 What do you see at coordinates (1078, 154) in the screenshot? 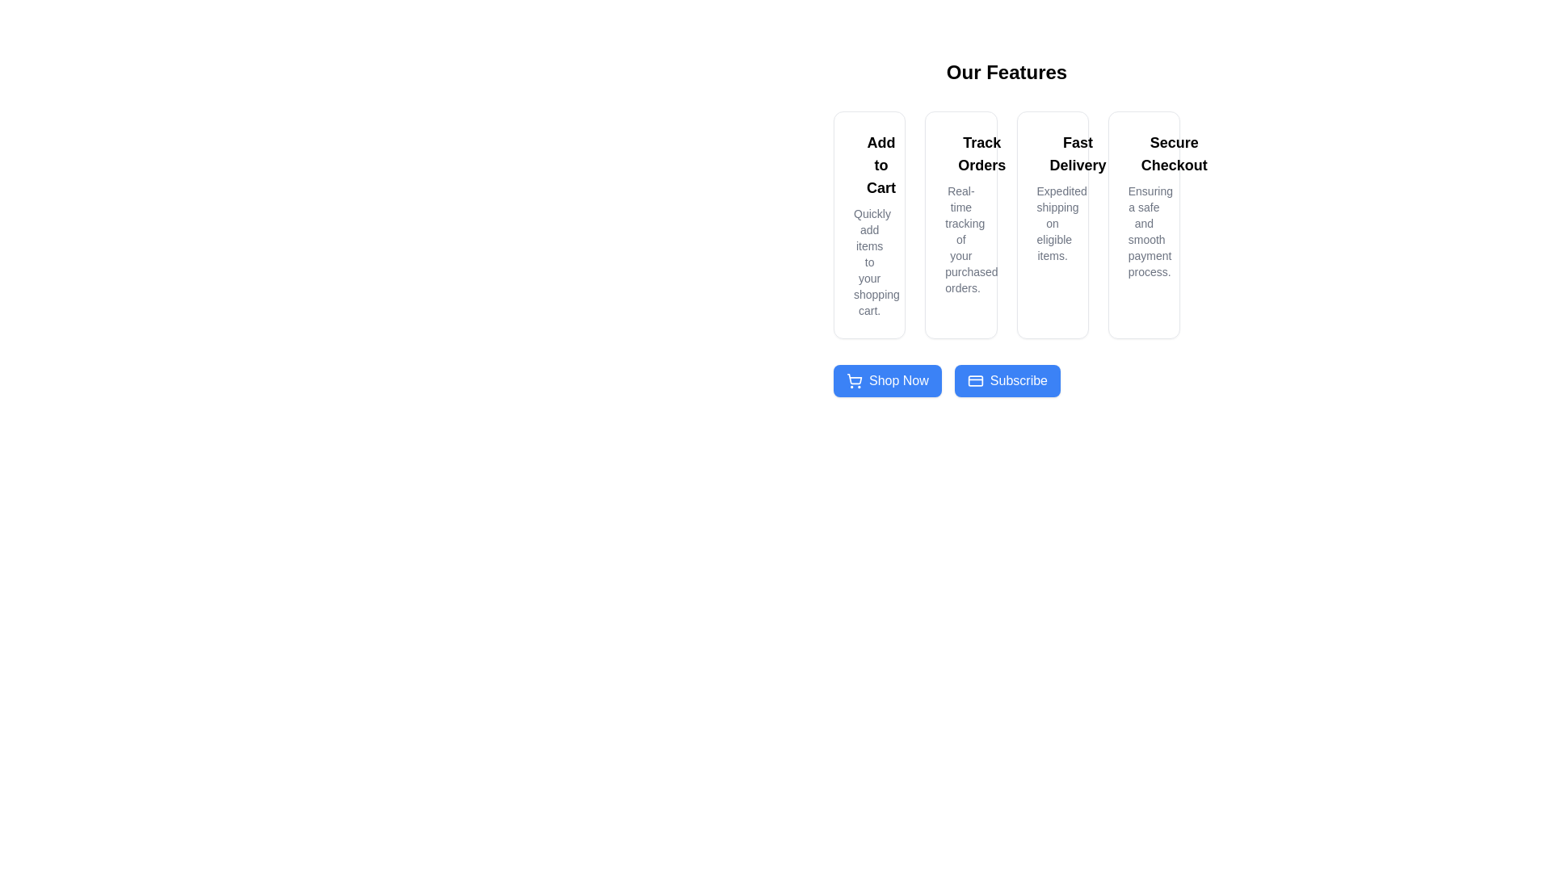
I see `the 'Fast Delivery' text label which is the headline of the third card in a set of four feature cards` at bounding box center [1078, 154].